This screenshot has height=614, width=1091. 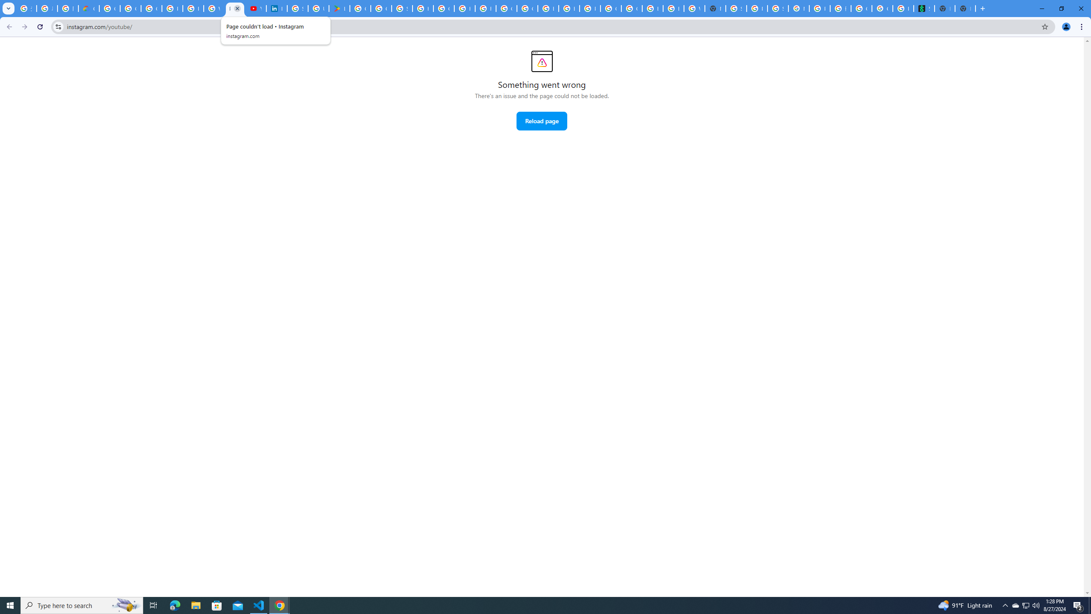 I want to click on 'Error', so click(x=542, y=61).